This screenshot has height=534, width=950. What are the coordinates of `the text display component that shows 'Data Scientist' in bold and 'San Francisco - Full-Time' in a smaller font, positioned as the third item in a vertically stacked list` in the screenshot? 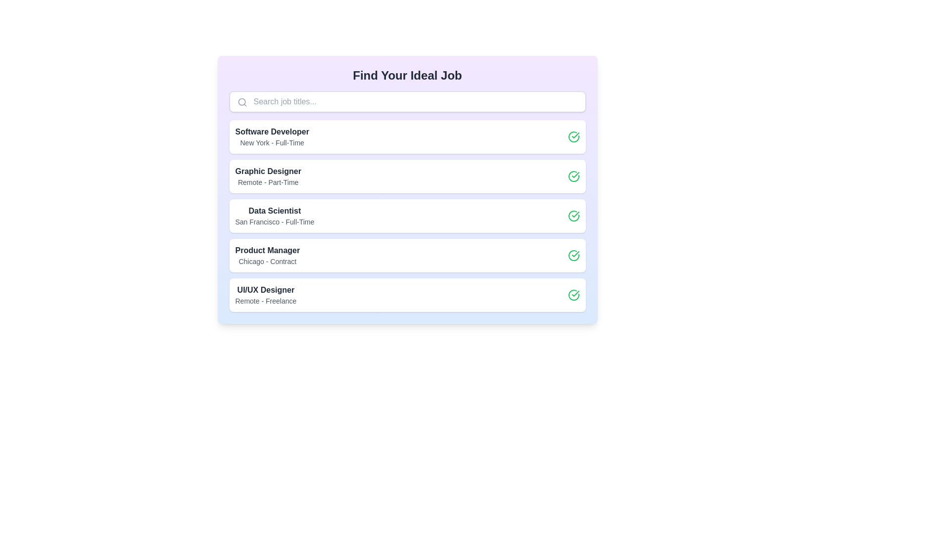 It's located at (275, 215).